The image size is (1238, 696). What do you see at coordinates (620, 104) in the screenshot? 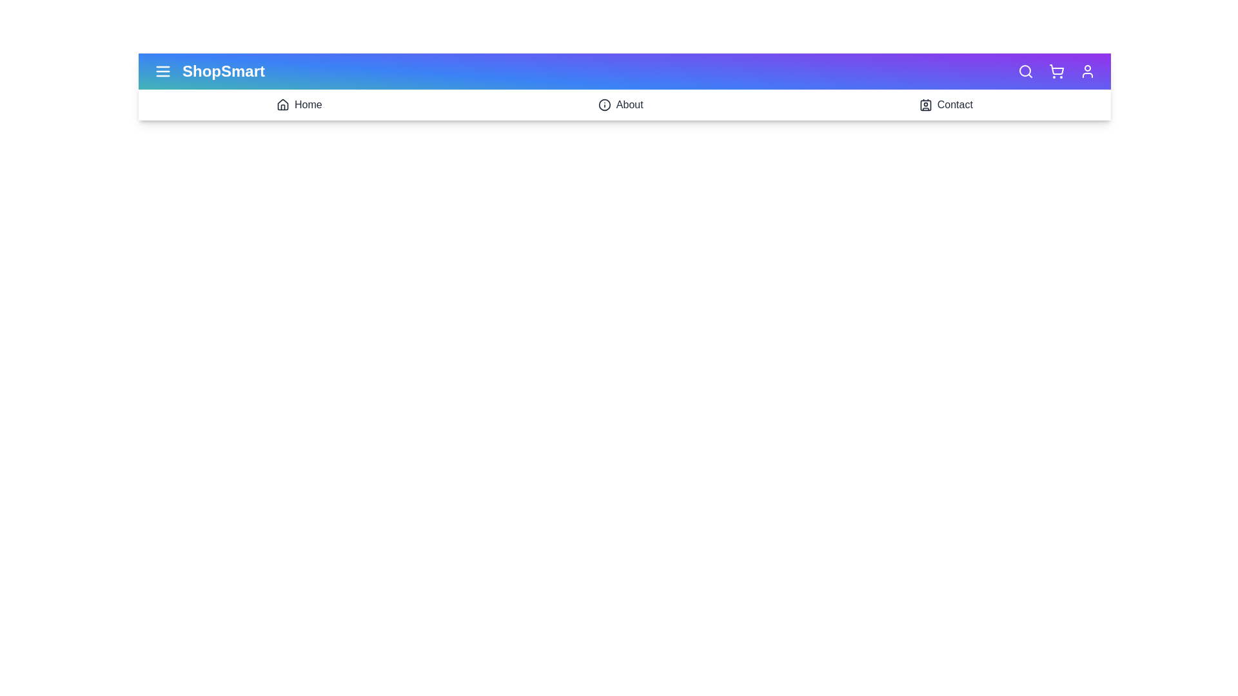
I see `the 'About' icon to navigate to the 'About' section` at bounding box center [620, 104].